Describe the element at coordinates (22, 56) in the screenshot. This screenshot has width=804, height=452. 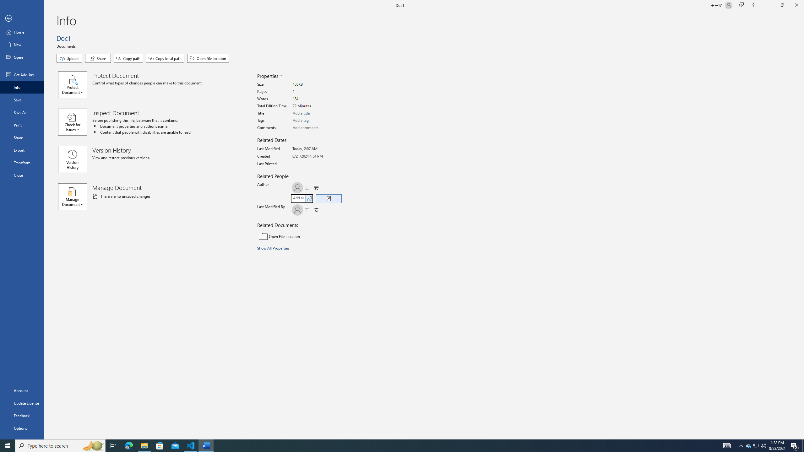
I see `'Open'` at that location.